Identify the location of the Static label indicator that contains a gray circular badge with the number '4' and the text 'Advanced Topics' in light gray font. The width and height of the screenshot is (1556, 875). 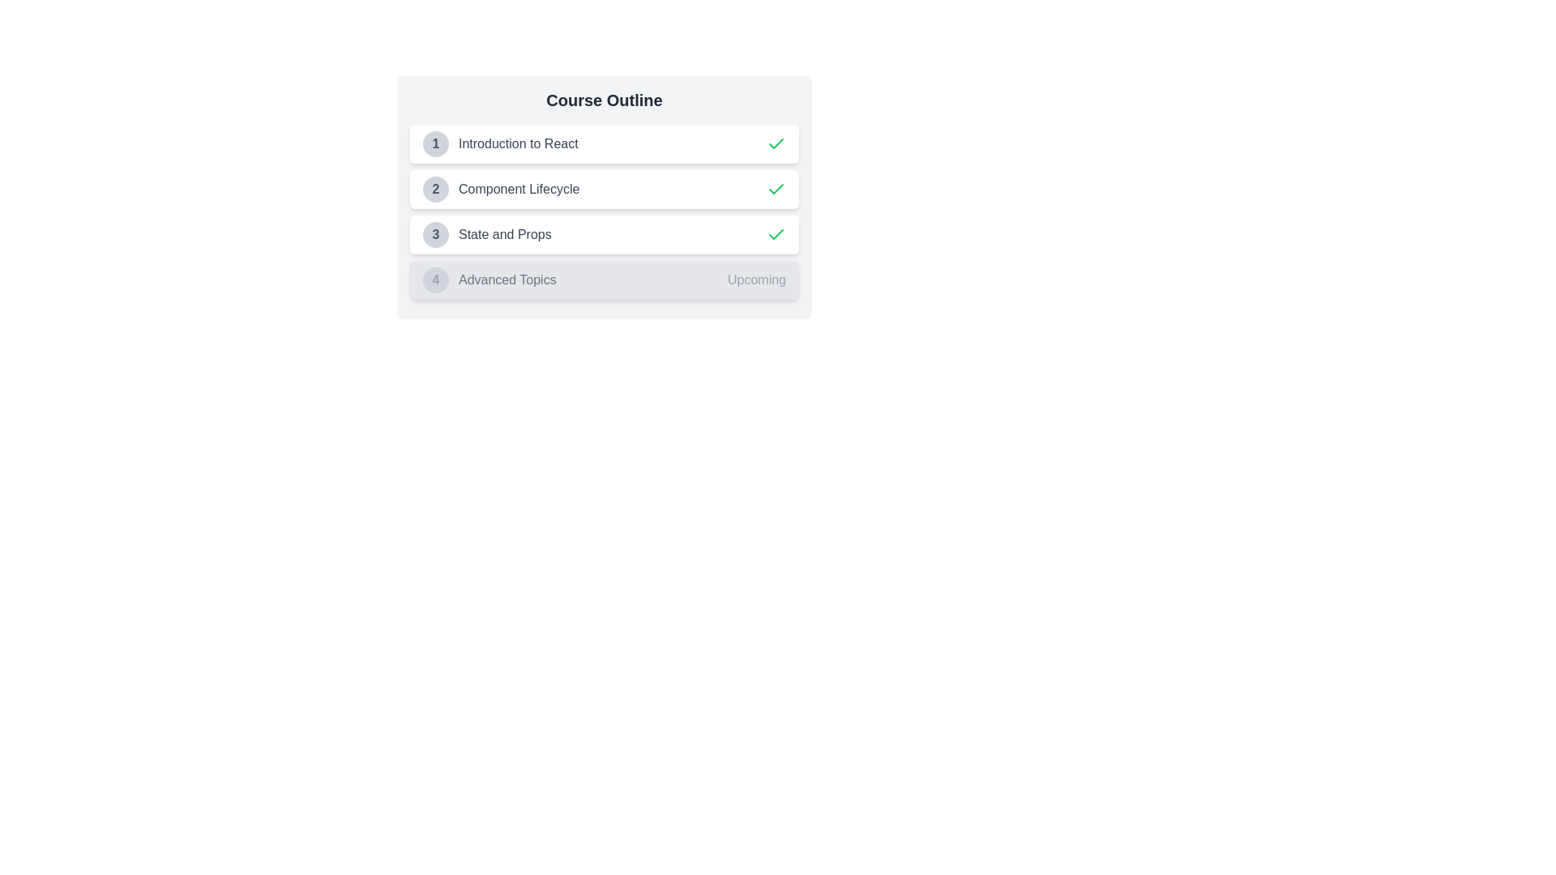
(489, 280).